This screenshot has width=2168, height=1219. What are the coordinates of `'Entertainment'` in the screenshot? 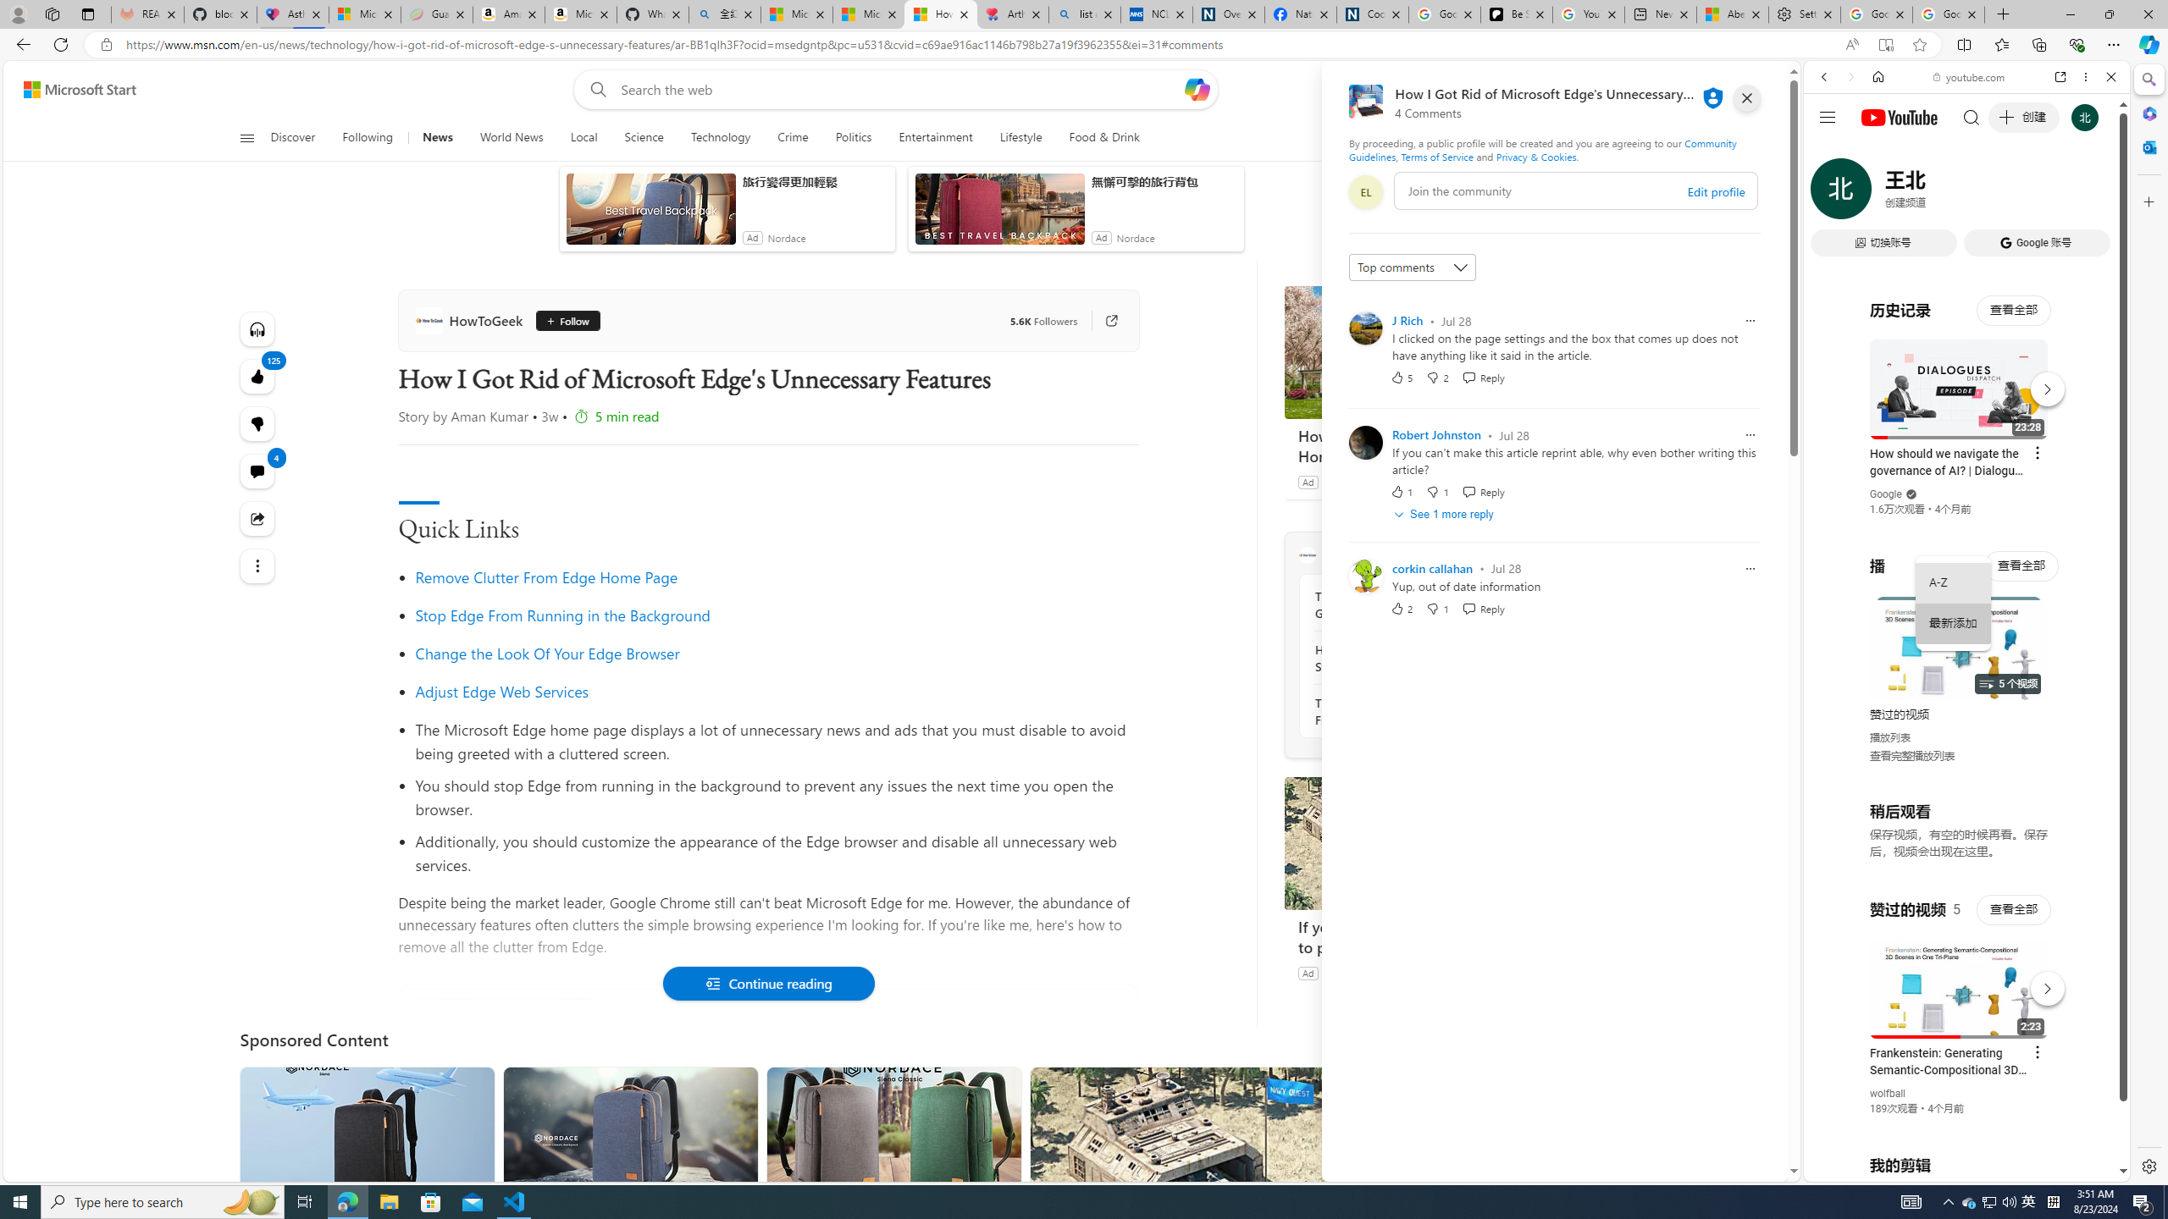 It's located at (935, 137).